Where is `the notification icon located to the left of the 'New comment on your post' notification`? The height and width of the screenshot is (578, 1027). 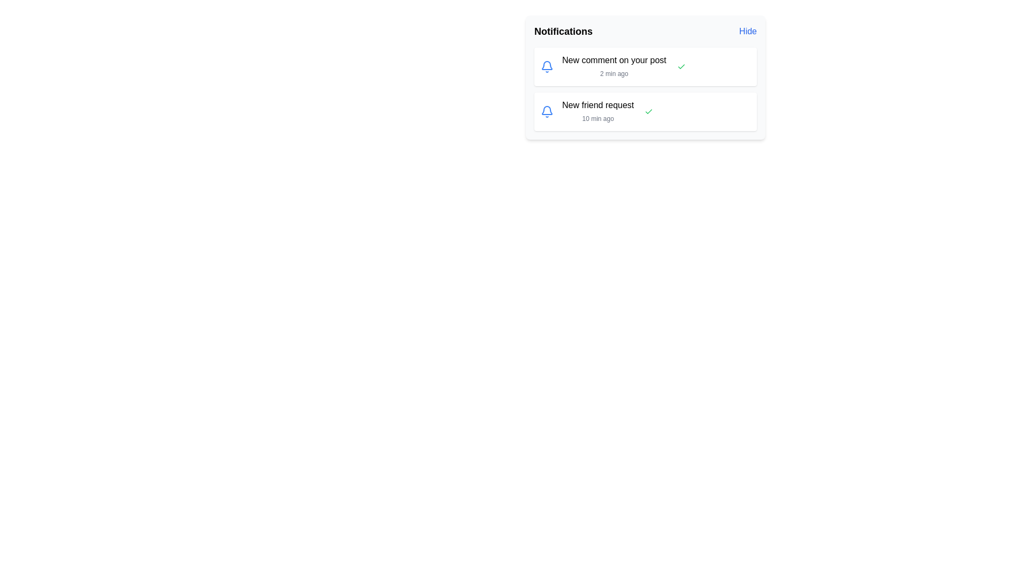 the notification icon located to the left of the 'New comment on your post' notification is located at coordinates (547, 66).